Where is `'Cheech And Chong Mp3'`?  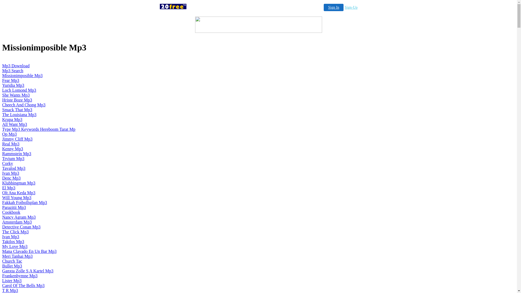 'Cheech And Chong Mp3' is located at coordinates (23, 105).